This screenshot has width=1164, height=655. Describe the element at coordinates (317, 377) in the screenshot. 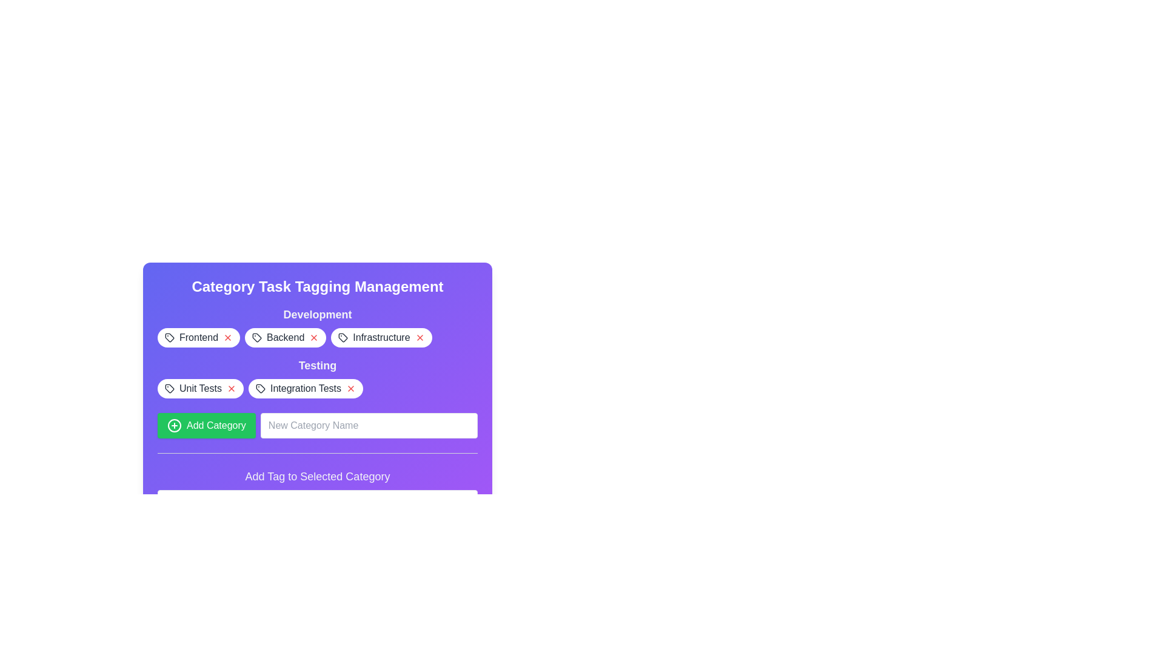

I see `the 'Testing' section in the Category area` at that location.